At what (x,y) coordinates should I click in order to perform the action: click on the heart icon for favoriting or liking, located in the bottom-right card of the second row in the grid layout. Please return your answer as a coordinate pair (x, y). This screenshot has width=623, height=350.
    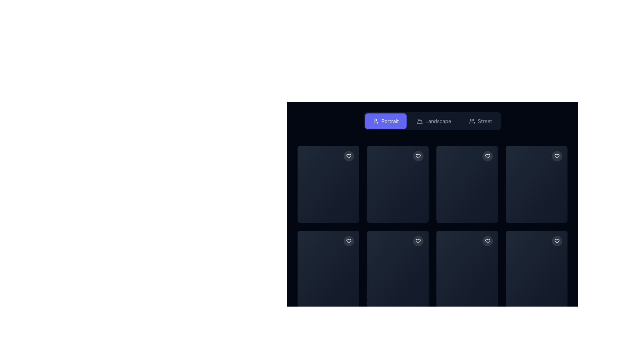
    Looking at the image, I should click on (487, 241).